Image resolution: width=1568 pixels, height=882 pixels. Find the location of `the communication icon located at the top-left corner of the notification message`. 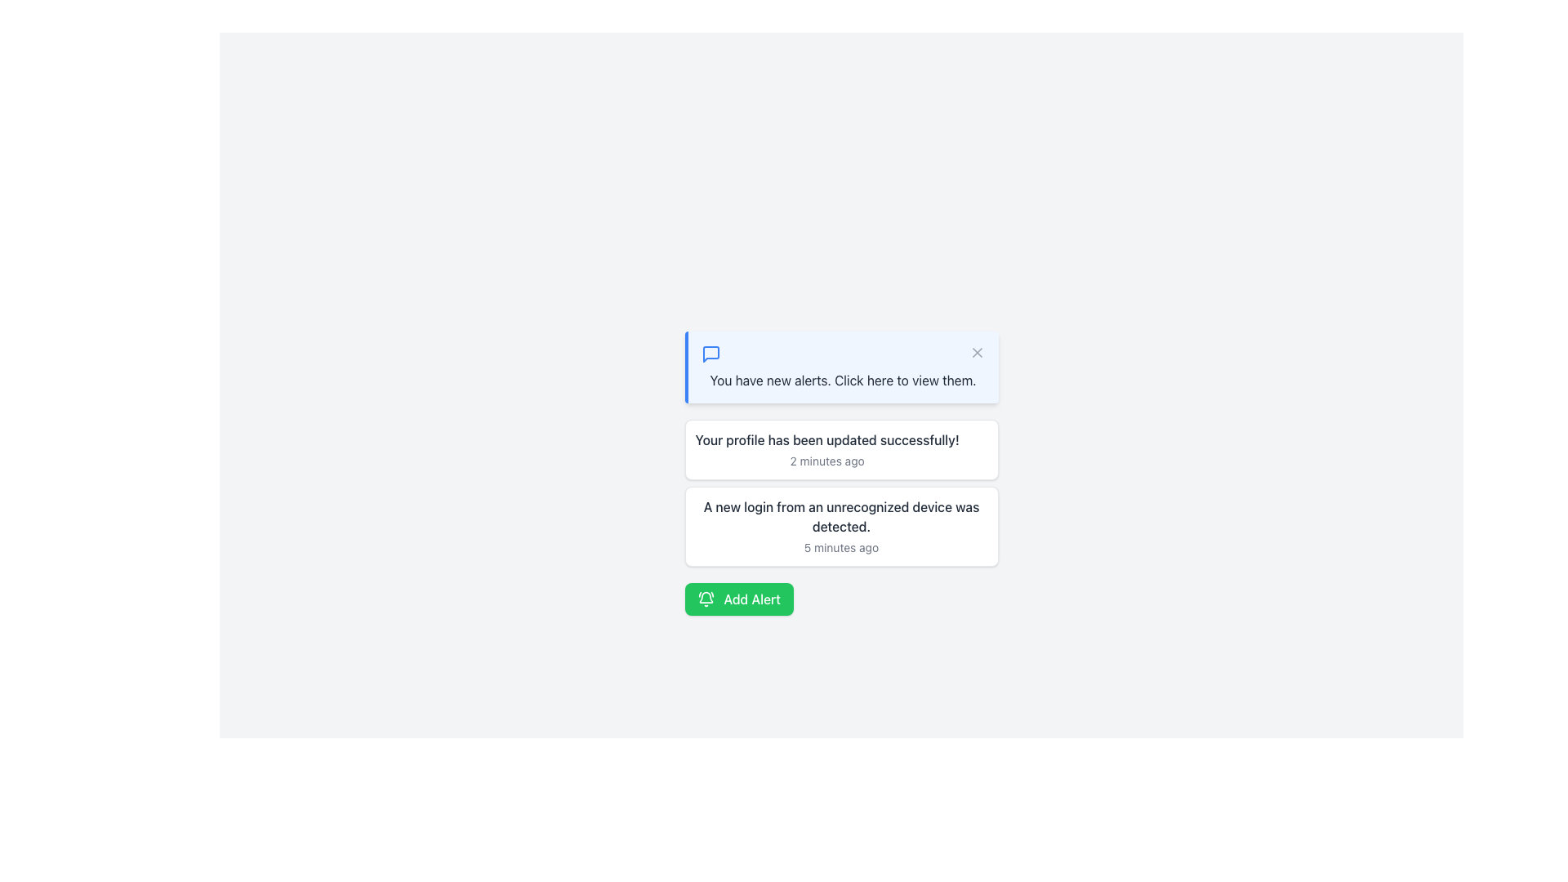

the communication icon located at the top-left corner of the notification message is located at coordinates (710, 354).